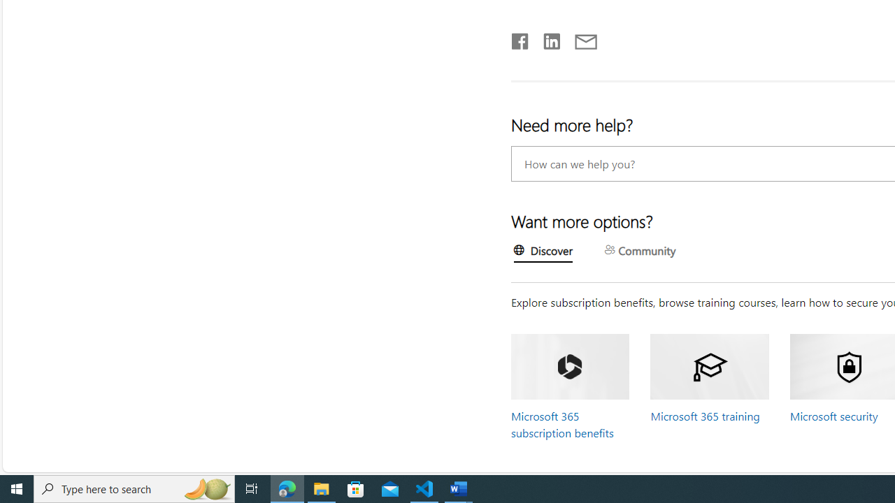 The width and height of the screenshot is (895, 503). What do you see at coordinates (639, 251) in the screenshot?
I see `'Community'` at bounding box center [639, 251].